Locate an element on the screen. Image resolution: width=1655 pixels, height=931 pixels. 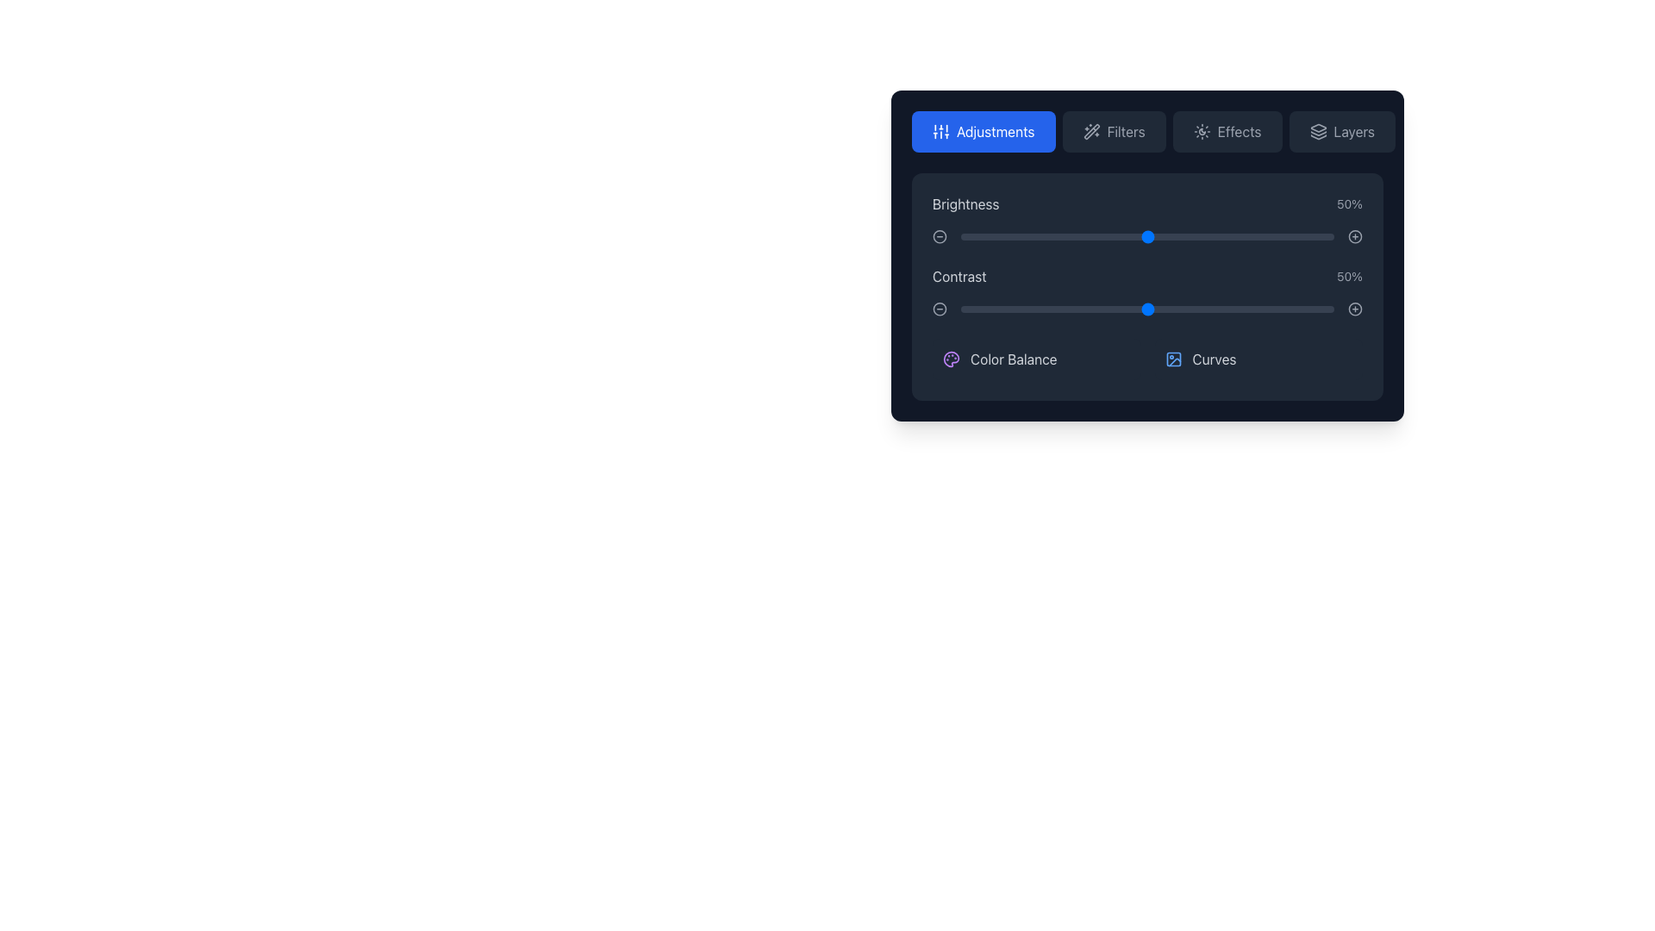
the brightness value is located at coordinates (1061, 236).